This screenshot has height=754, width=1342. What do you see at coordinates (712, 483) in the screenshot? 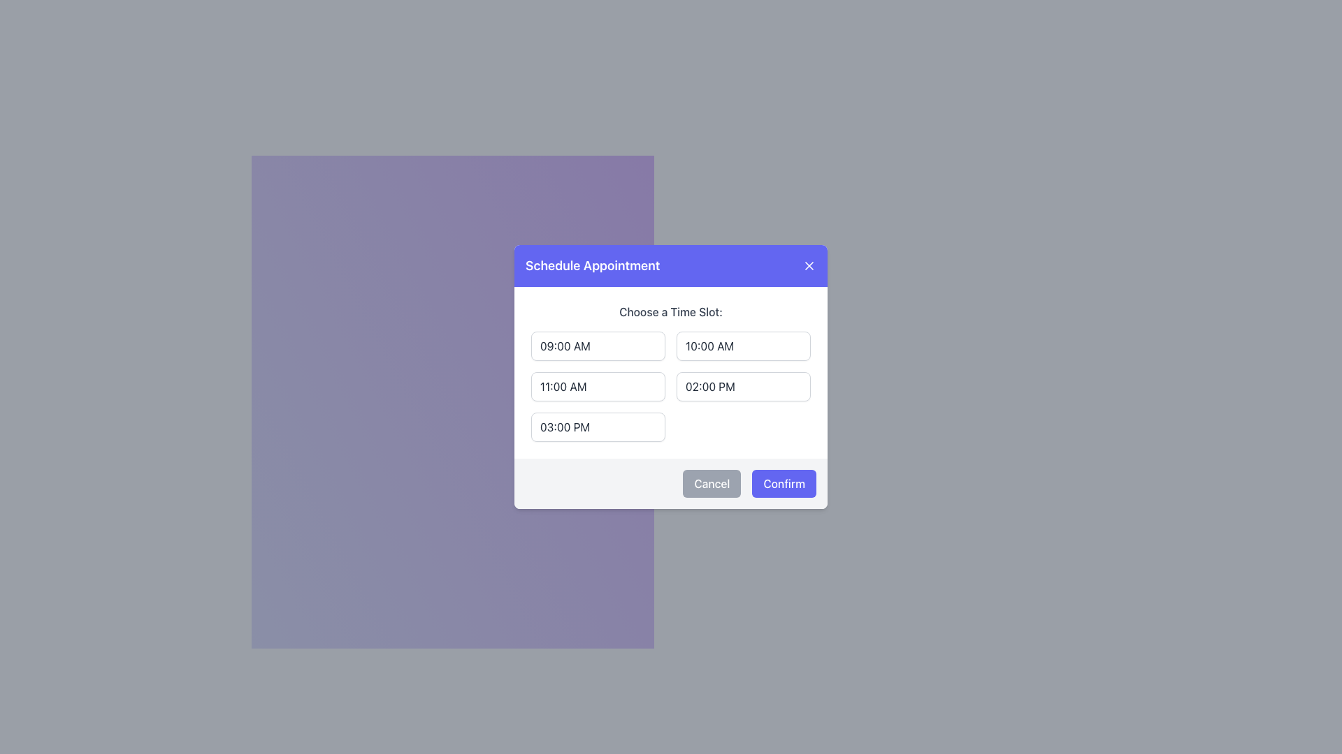
I see `the 'Cancel' button with rounded corners, light gray background, and white text located at the bottom-right of the modal dialog` at bounding box center [712, 483].